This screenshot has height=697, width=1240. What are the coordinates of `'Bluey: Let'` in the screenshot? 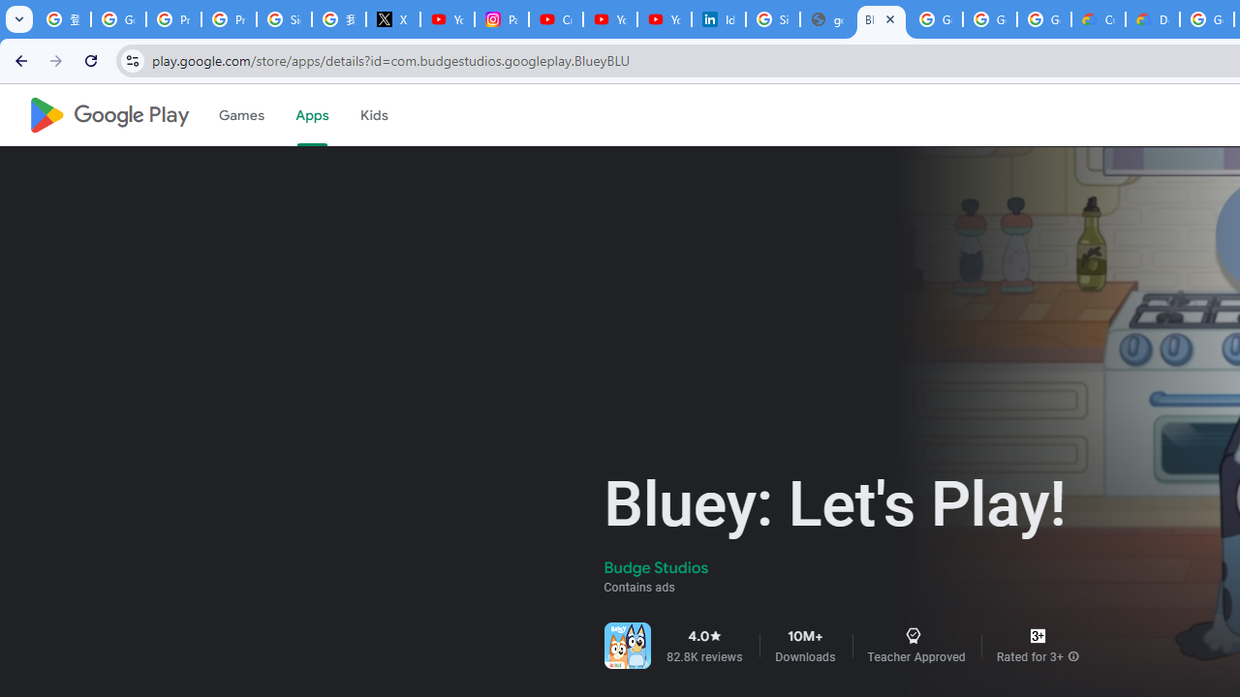 It's located at (881, 19).